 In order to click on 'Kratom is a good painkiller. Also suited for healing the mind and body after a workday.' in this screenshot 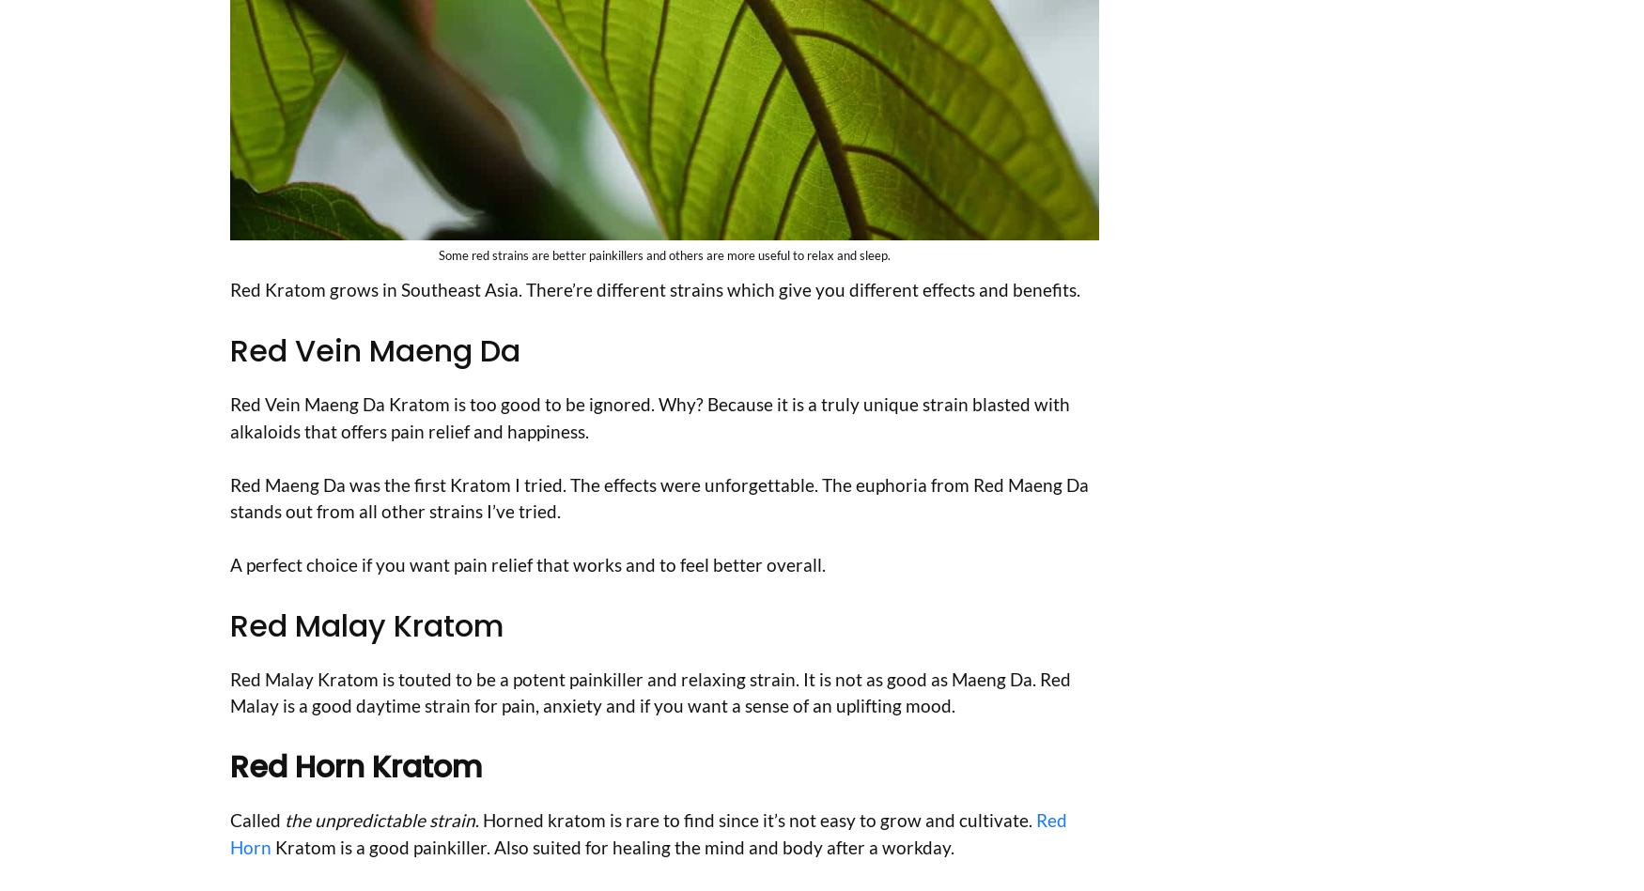, I will do `click(612, 845)`.